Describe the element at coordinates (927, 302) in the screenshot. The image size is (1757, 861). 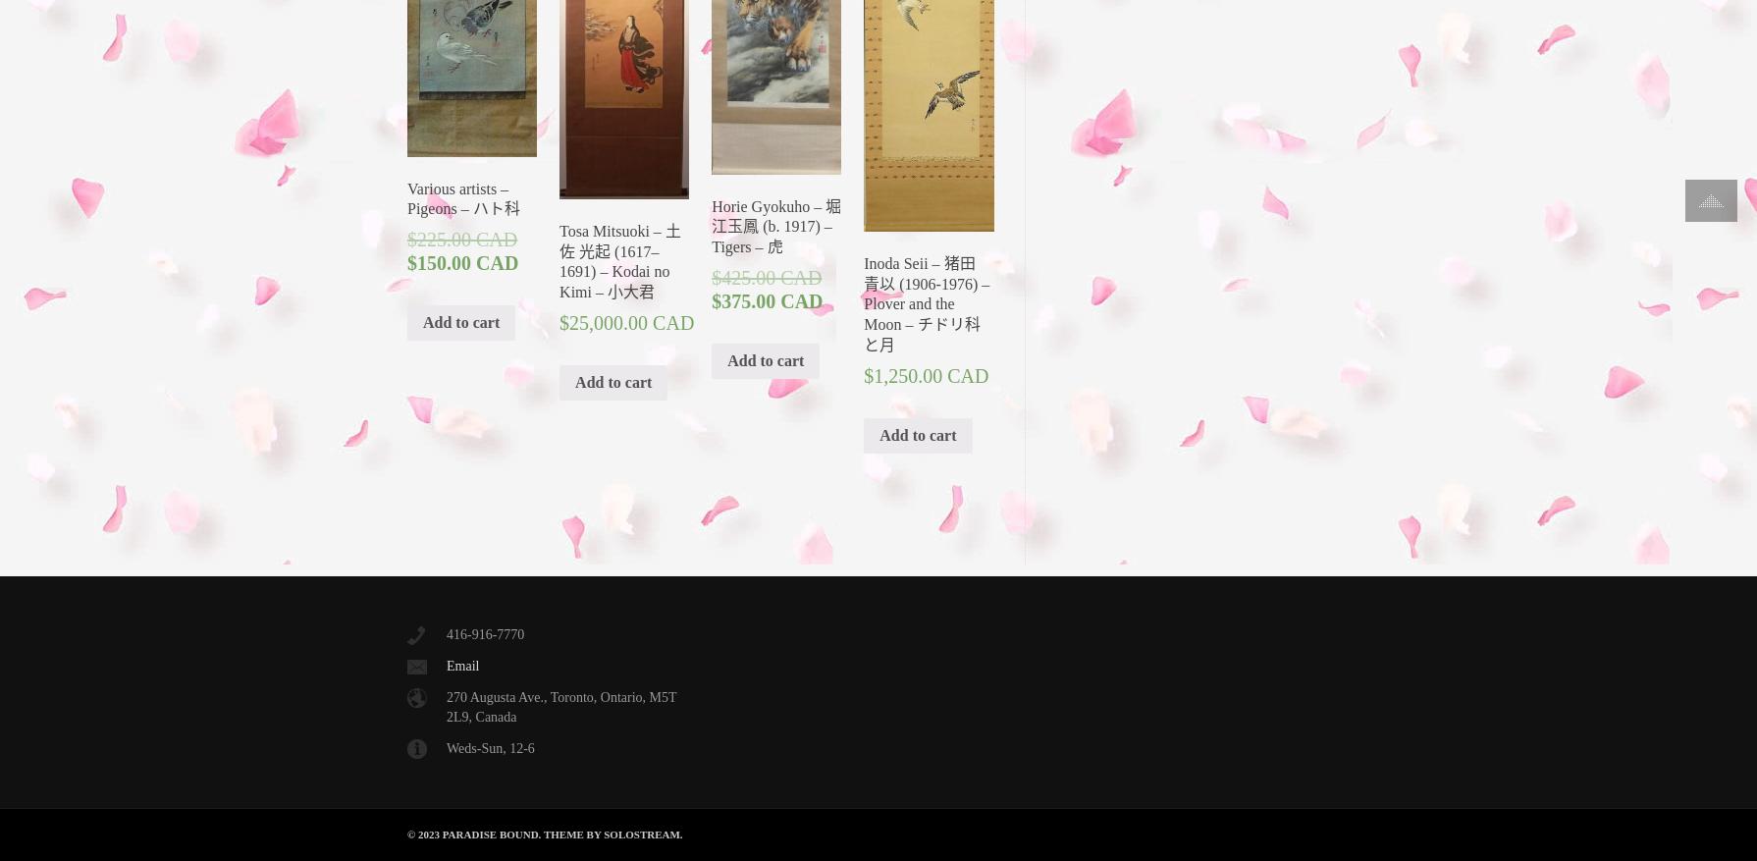
I see `'Inoda Seii – 猪田 青以 (1906-1976) – Plover and the Moon – チドリ科と月'` at that location.